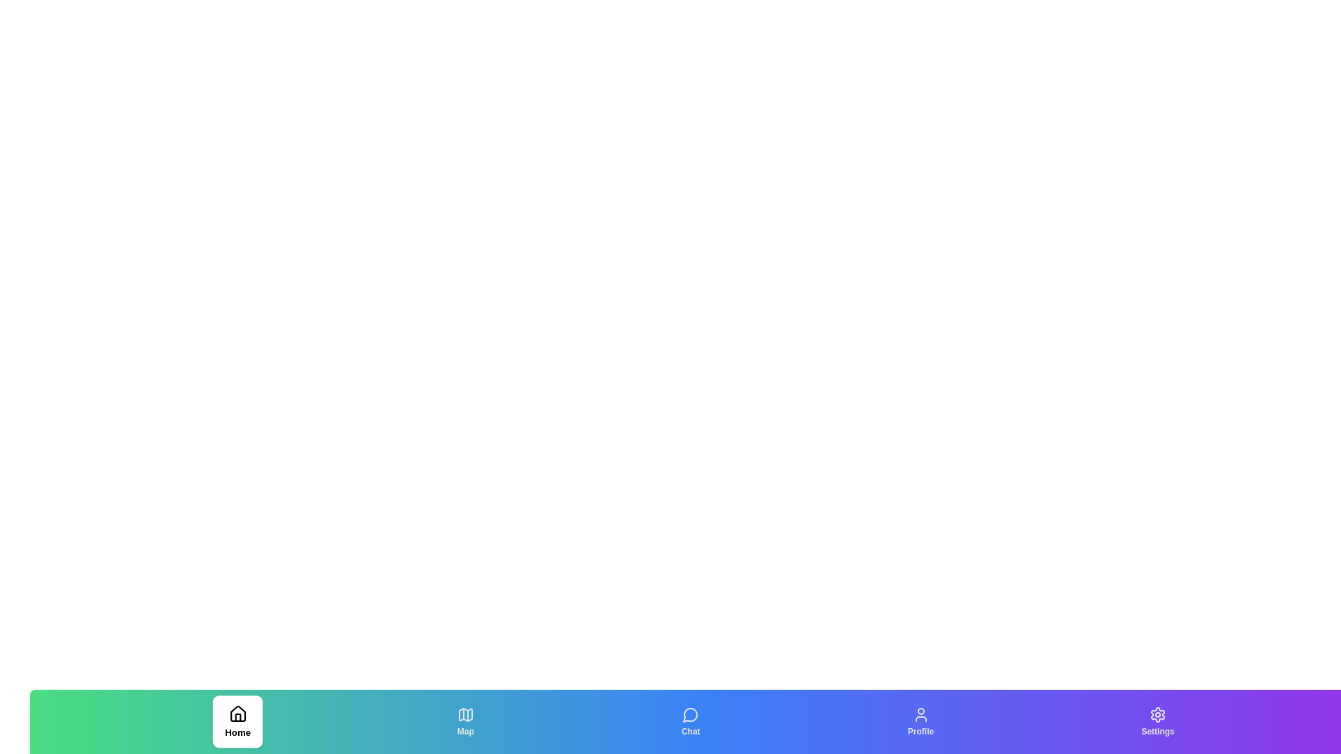  Describe the element at coordinates (921, 721) in the screenshot. I see `the Profile tab to observe the hover effect` at that location.